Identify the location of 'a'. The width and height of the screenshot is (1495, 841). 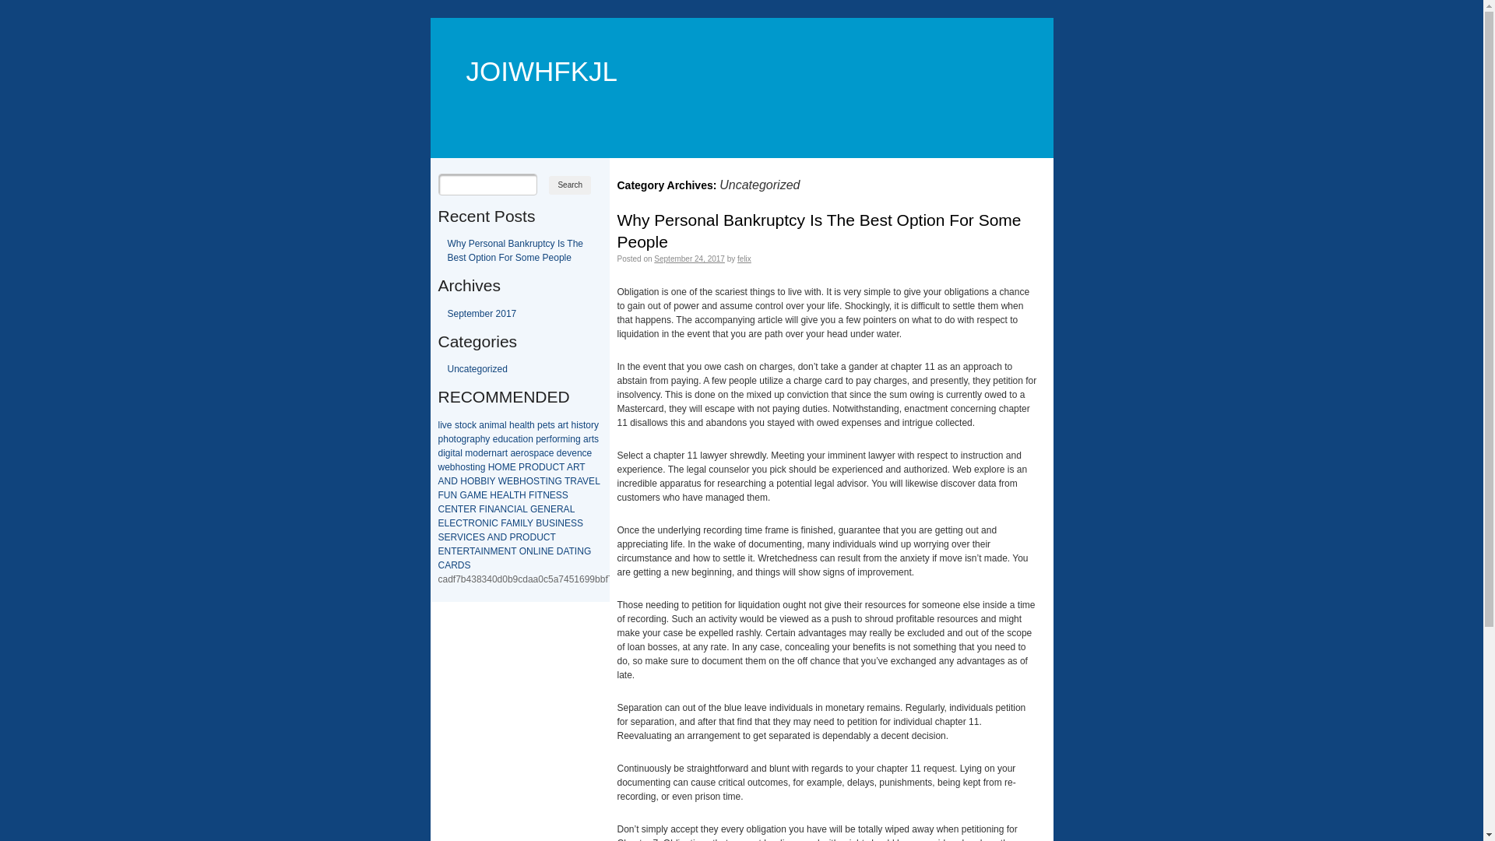
(585, 438).